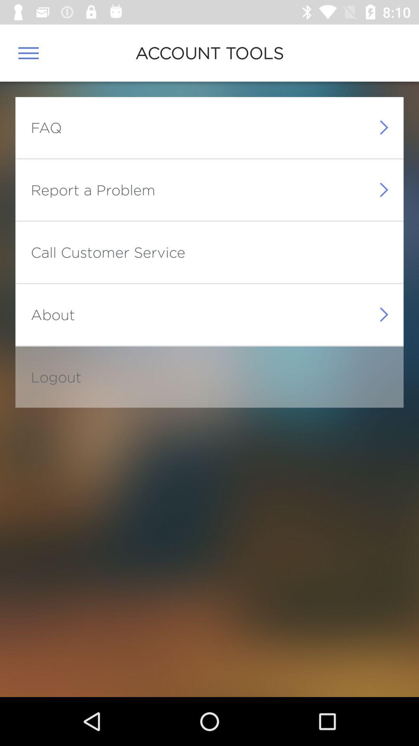 The width and height of the screenshot is (419, 746). Describe the element at coordinates (108, 252) in the screenshot. I see `the call customer service icon` at that location.